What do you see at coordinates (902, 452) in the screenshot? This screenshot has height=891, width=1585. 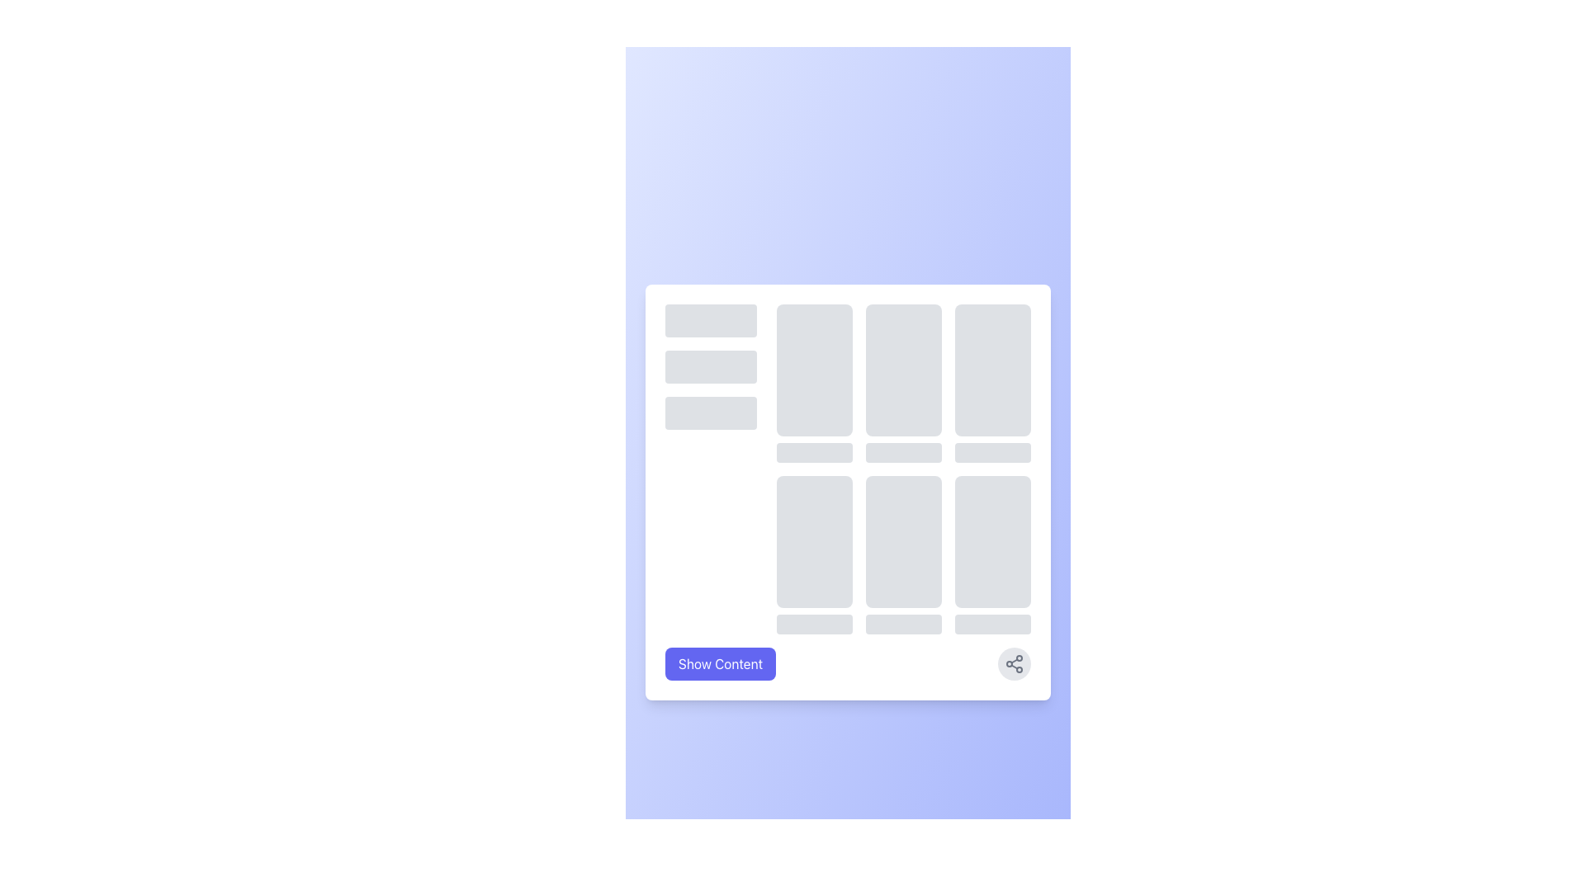 I see `the small rectangular placeholder element with rounded corners, styled with a gray fill color, located centrally below a larger rectangular section in its column` at bounding box center [902, 452].